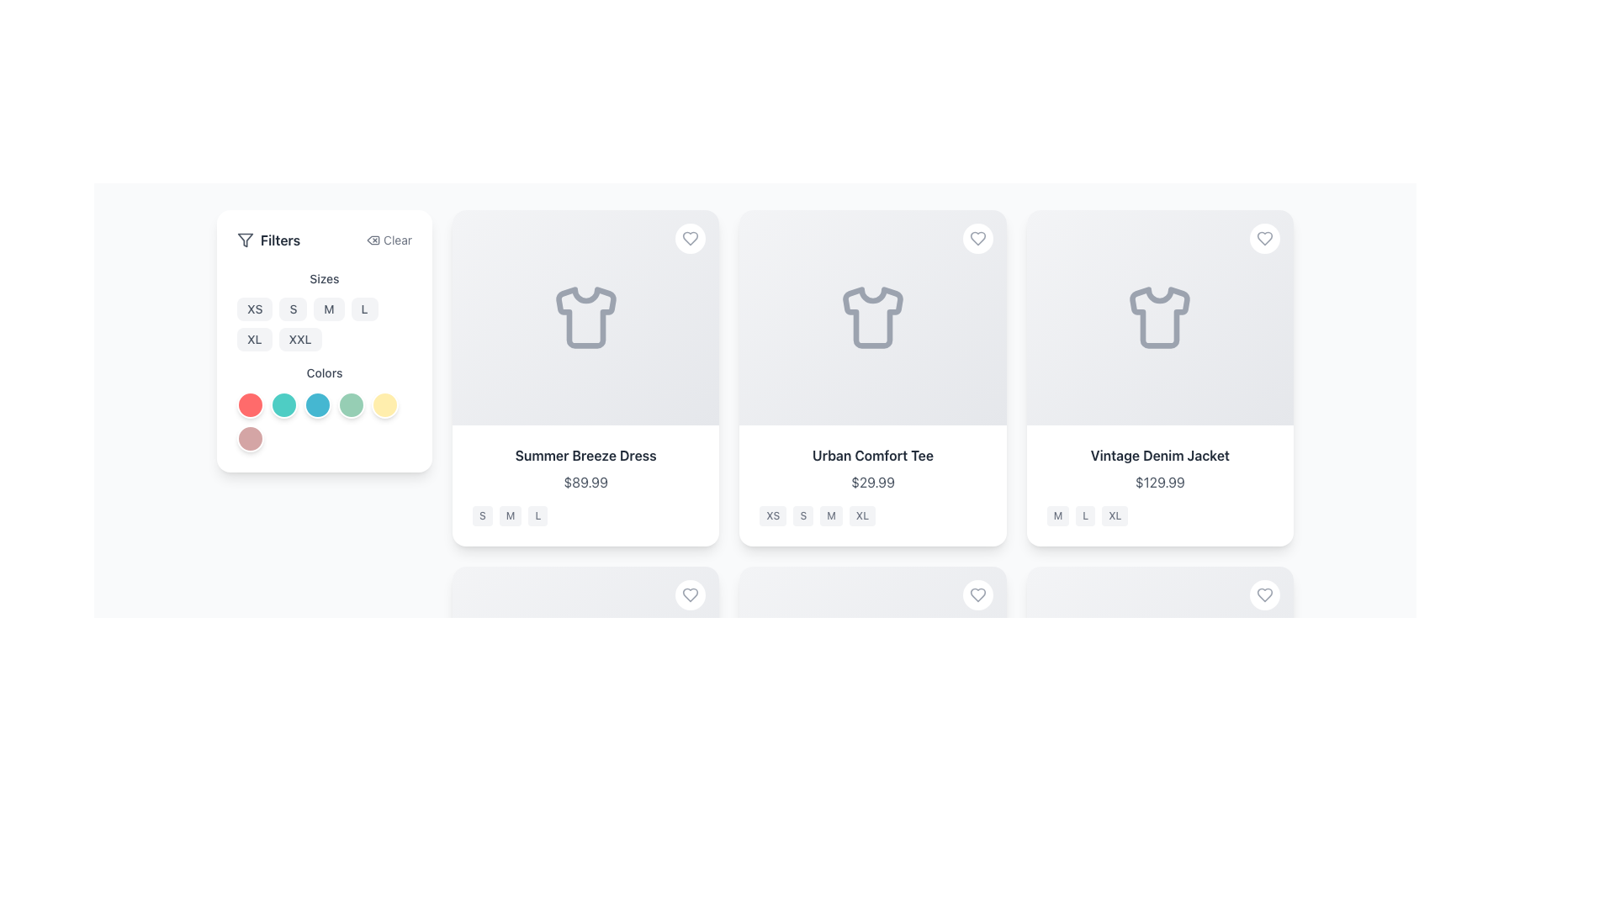 The height and width of the screenshot is (908, 1615). Describe the element at coordinates (585, 486) in the screenshot. I see `the center of the Product Information Display for 'Summer Breeze Dress'` at that location.